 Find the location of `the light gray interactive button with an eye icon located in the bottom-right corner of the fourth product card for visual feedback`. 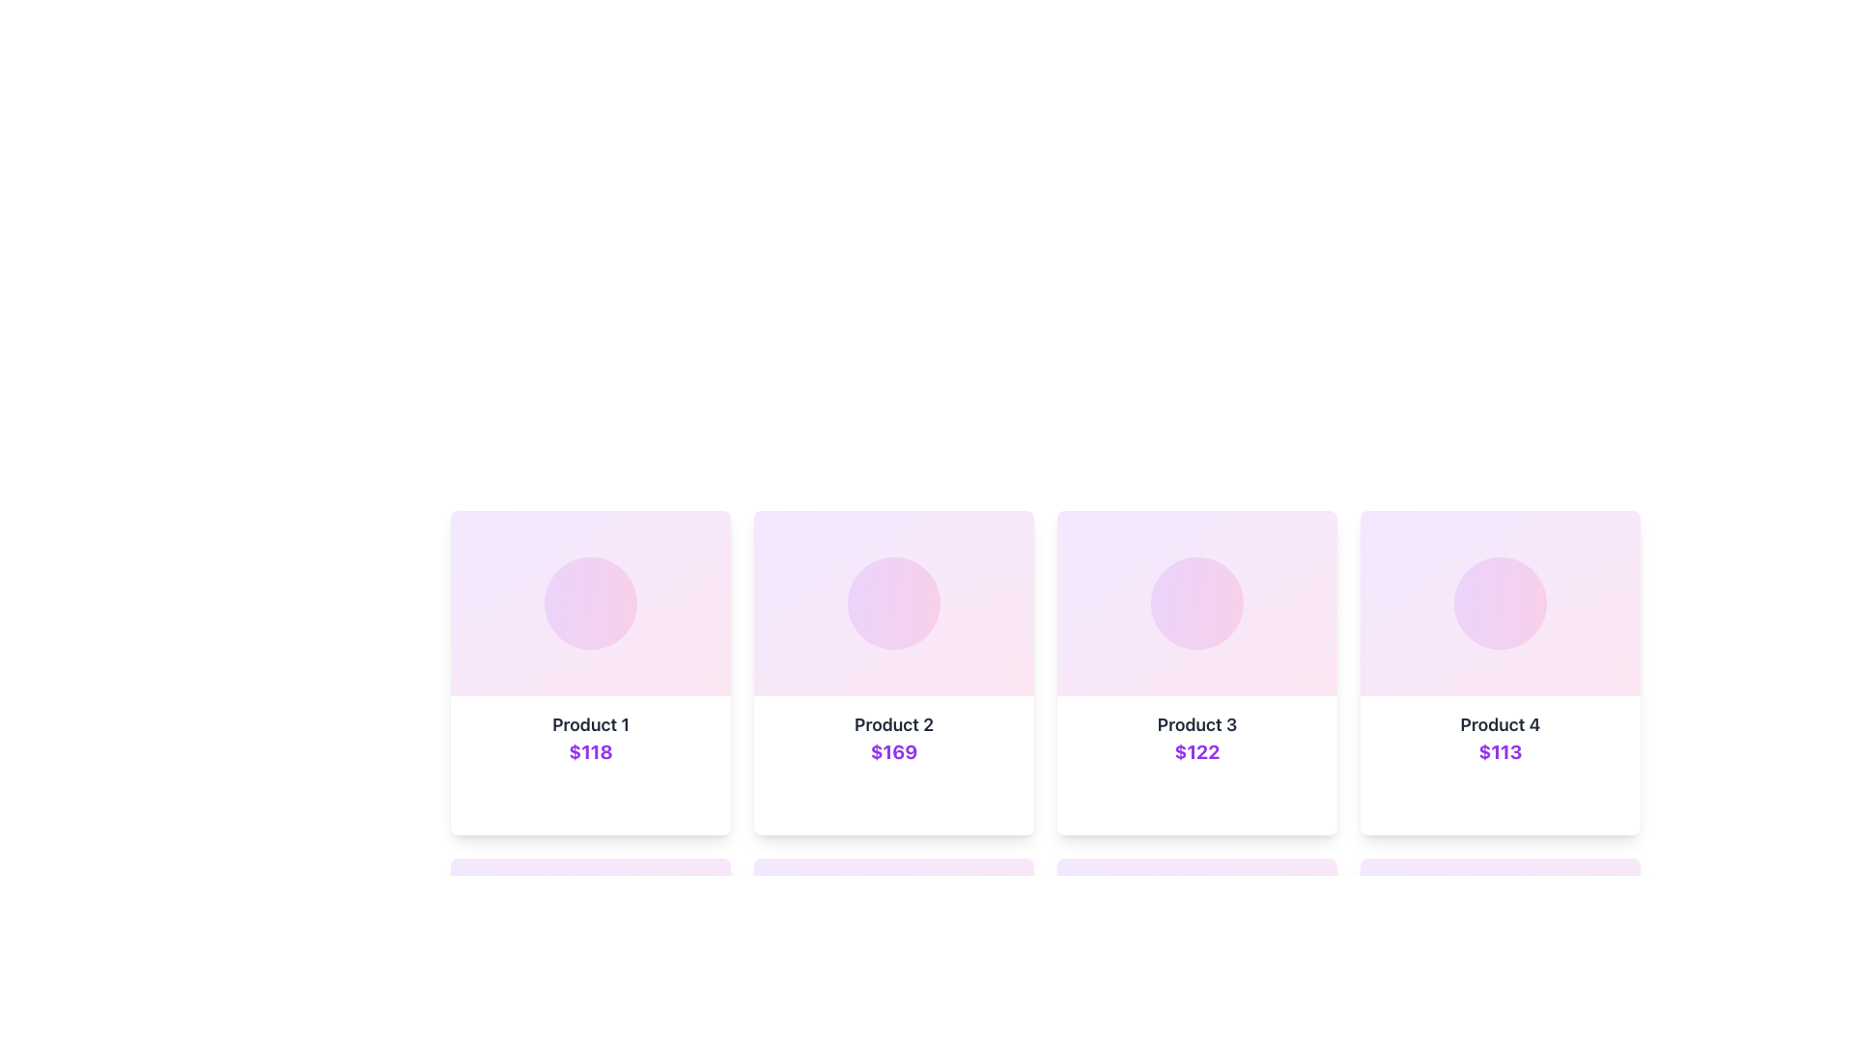

the light gray interactive button with an eye icon located in the bottom-right corner of the fourth product card for visual feedback is located at coordinates (1608, 801).